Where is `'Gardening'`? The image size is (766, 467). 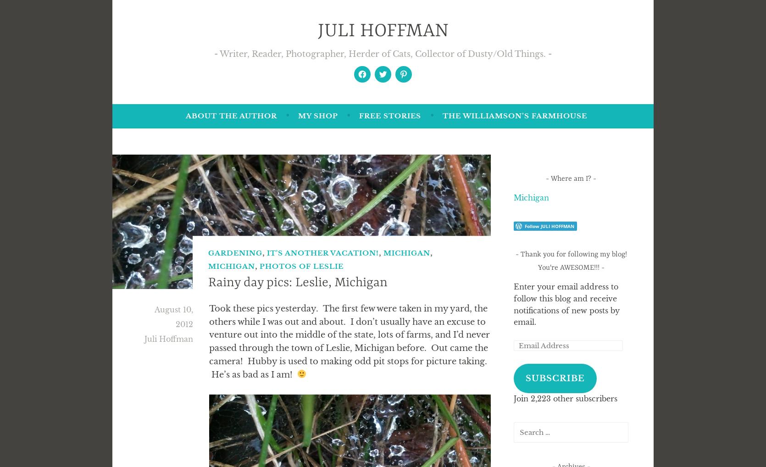
'Gardening' is located at coordinates (235, 252).